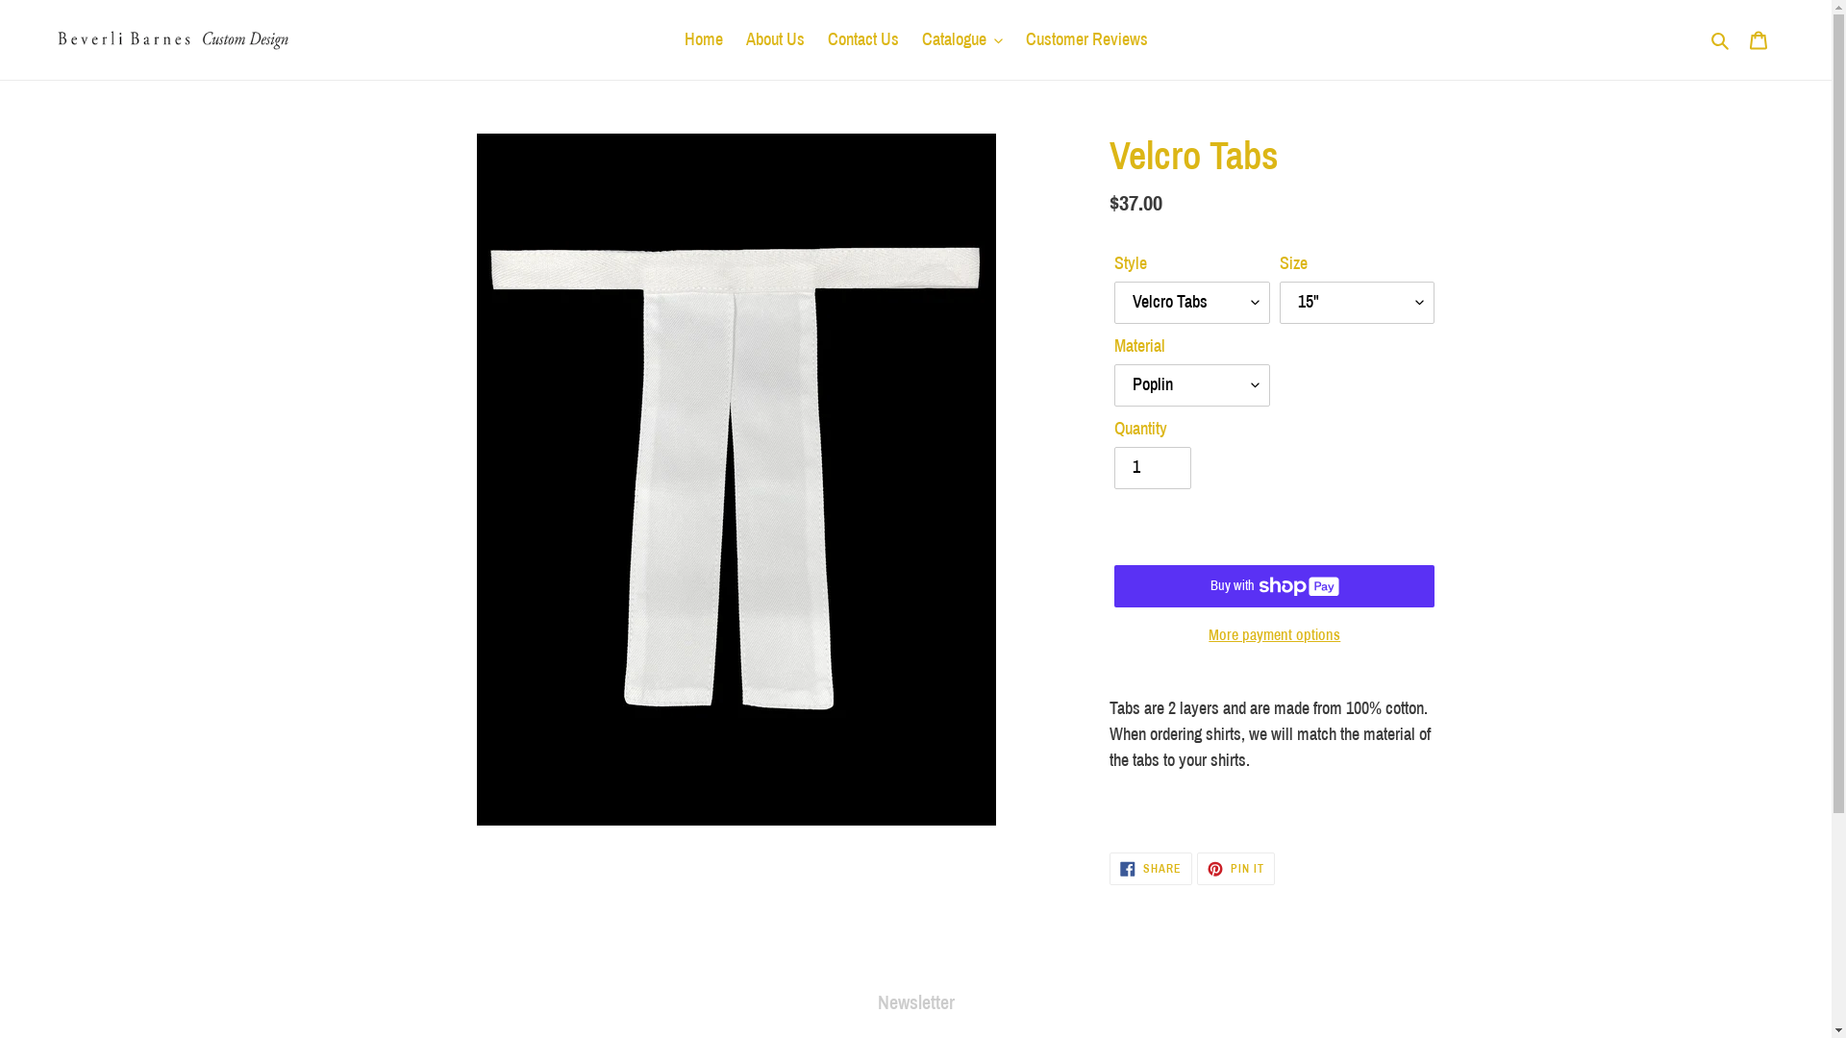 This screenshot has height=1038, width=1846. Describe the element at coordinates (1235, 868) in the screenshot. I see `'PIN IT` at that location.